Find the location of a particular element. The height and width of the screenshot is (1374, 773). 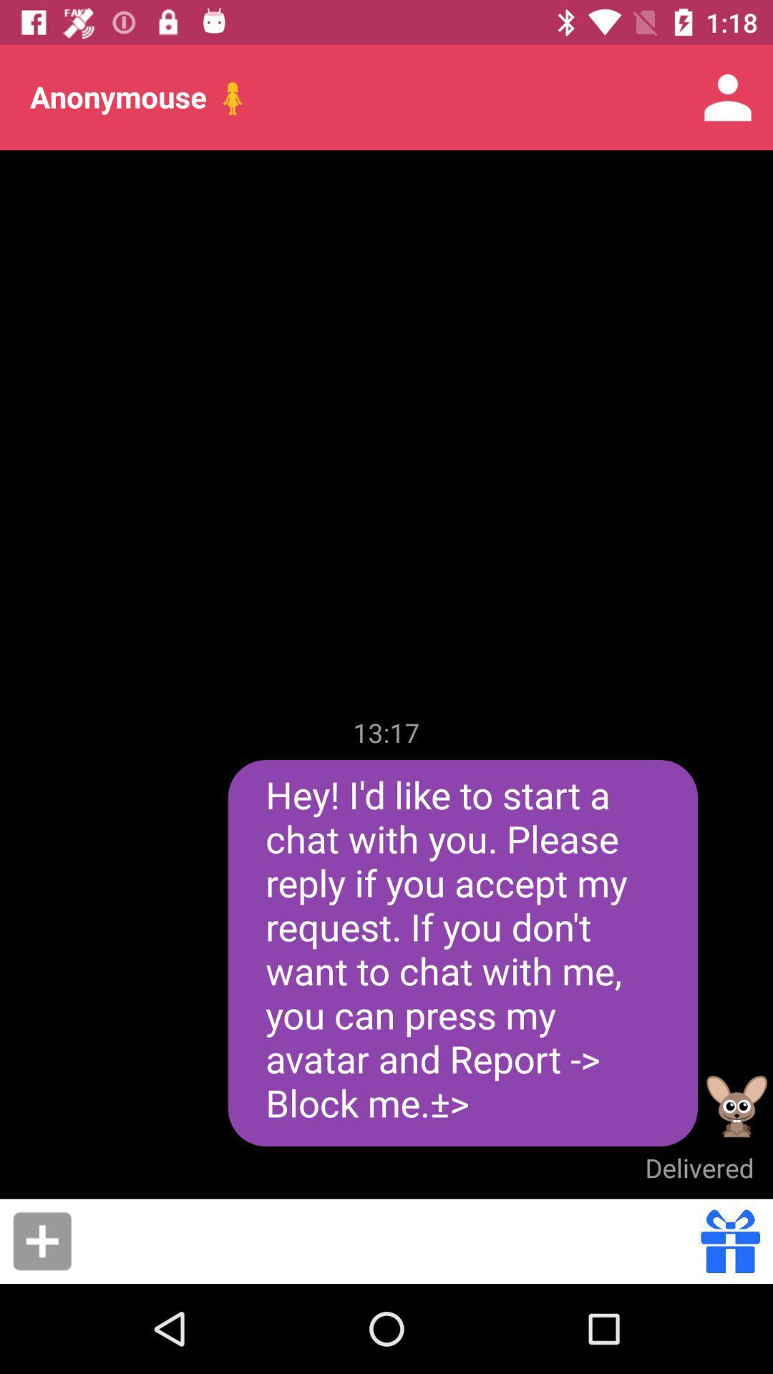

the icon next to the hey i d item is located at coordinates (736, 1106).